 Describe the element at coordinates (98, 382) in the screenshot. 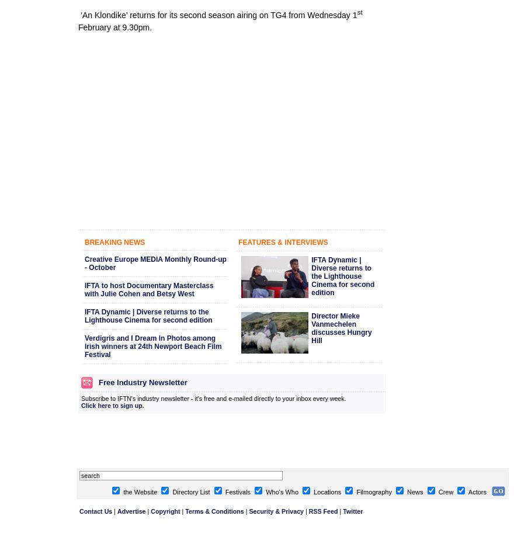

I see `'Free Industry Newsletter'` at that location.